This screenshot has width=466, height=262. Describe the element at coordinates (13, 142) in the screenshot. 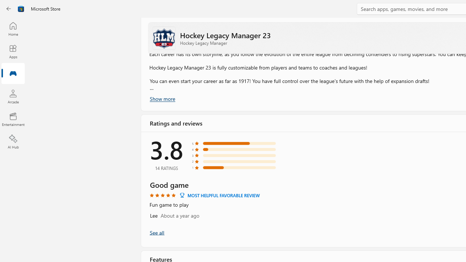

I see `'AI Hub'` at that location.